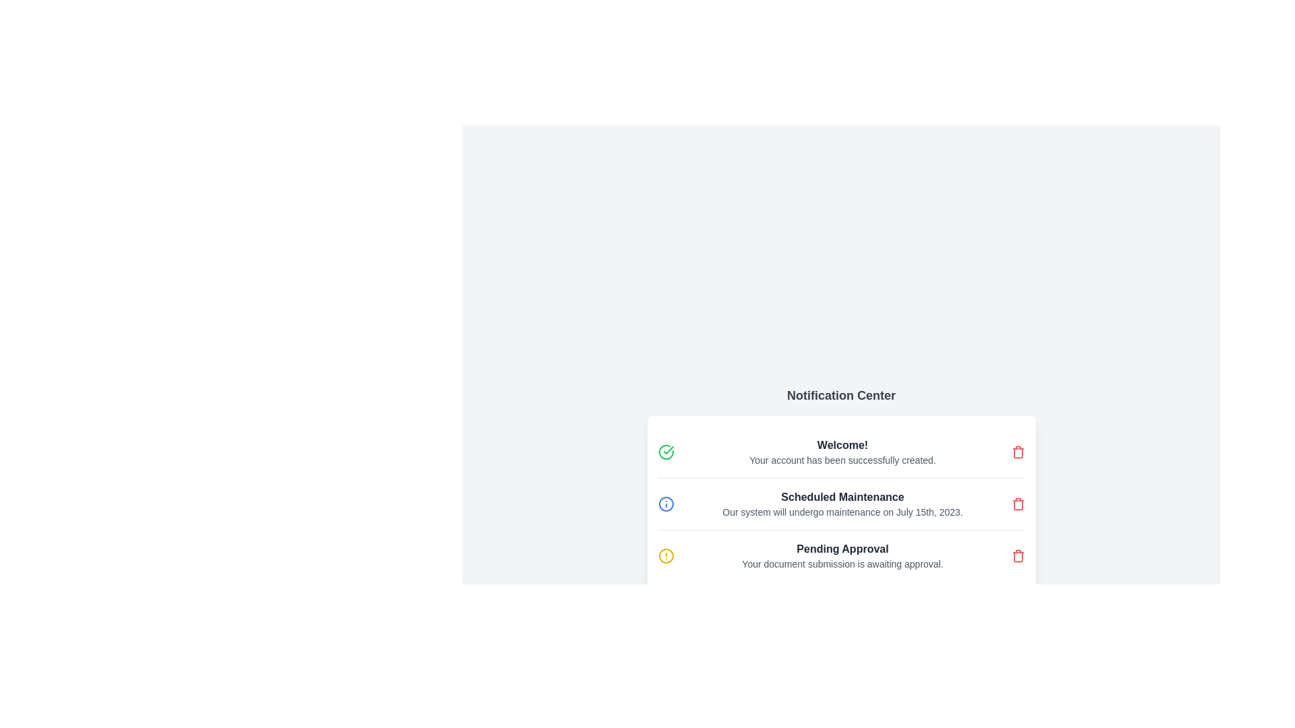 The height and width of the screenshot is (728, 1295). What do you see at coordinates (842, 549) in the screenshot?
I see `the static text label indicating 'Pending Approval', which is positioned above the descriptive text regarding document submission and below other notifications` at bounding box center [842, 549].